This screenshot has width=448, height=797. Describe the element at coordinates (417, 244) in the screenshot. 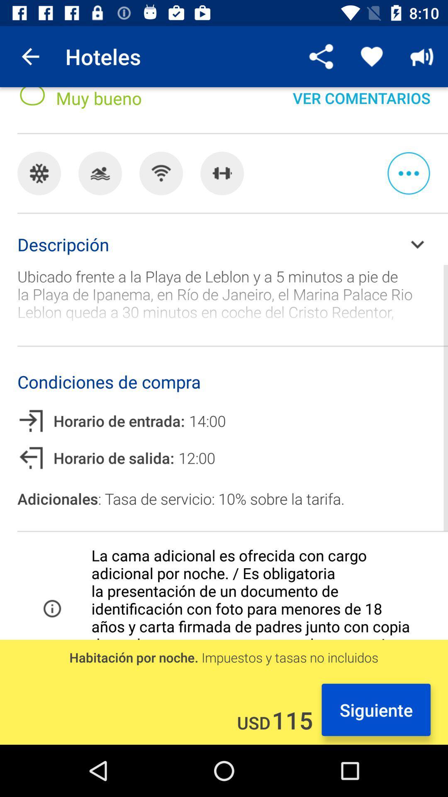

I see `the expand_more icon` at that location.